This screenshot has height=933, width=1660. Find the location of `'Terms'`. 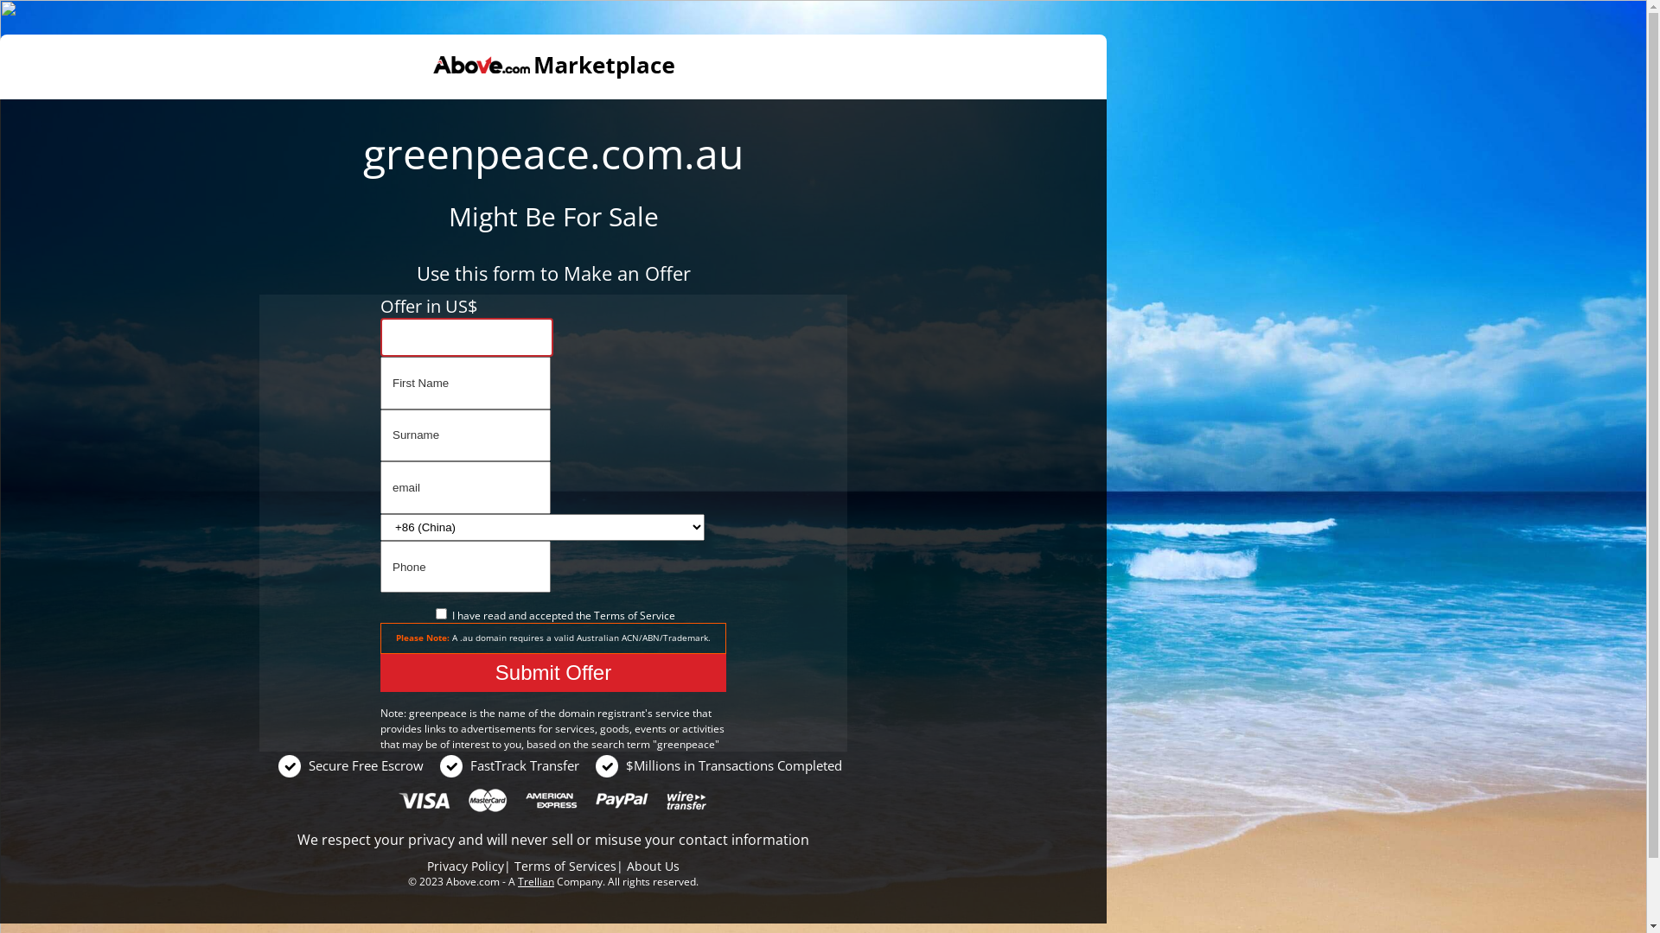

'Terms' is located at coordinates (593, 614).